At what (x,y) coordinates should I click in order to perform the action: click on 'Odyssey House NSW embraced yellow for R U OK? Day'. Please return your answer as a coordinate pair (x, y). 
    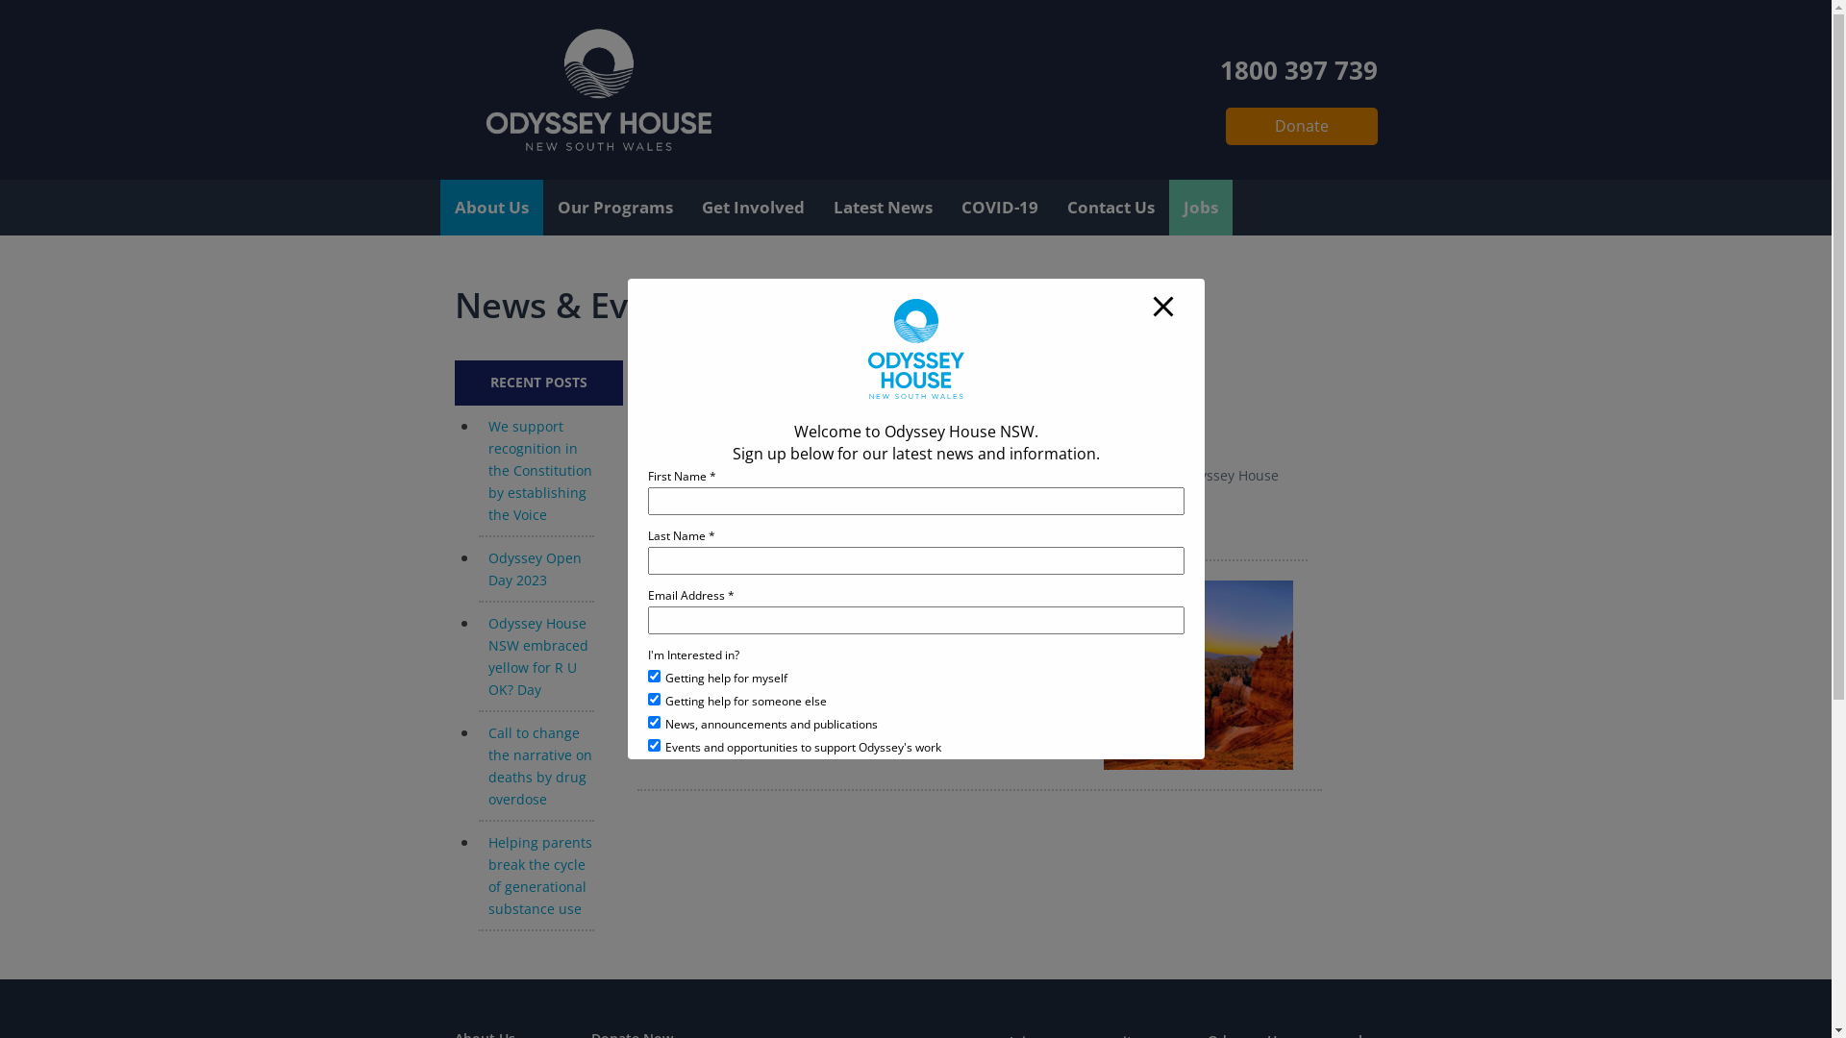
    Looking at the image, I should click on (538, 655).